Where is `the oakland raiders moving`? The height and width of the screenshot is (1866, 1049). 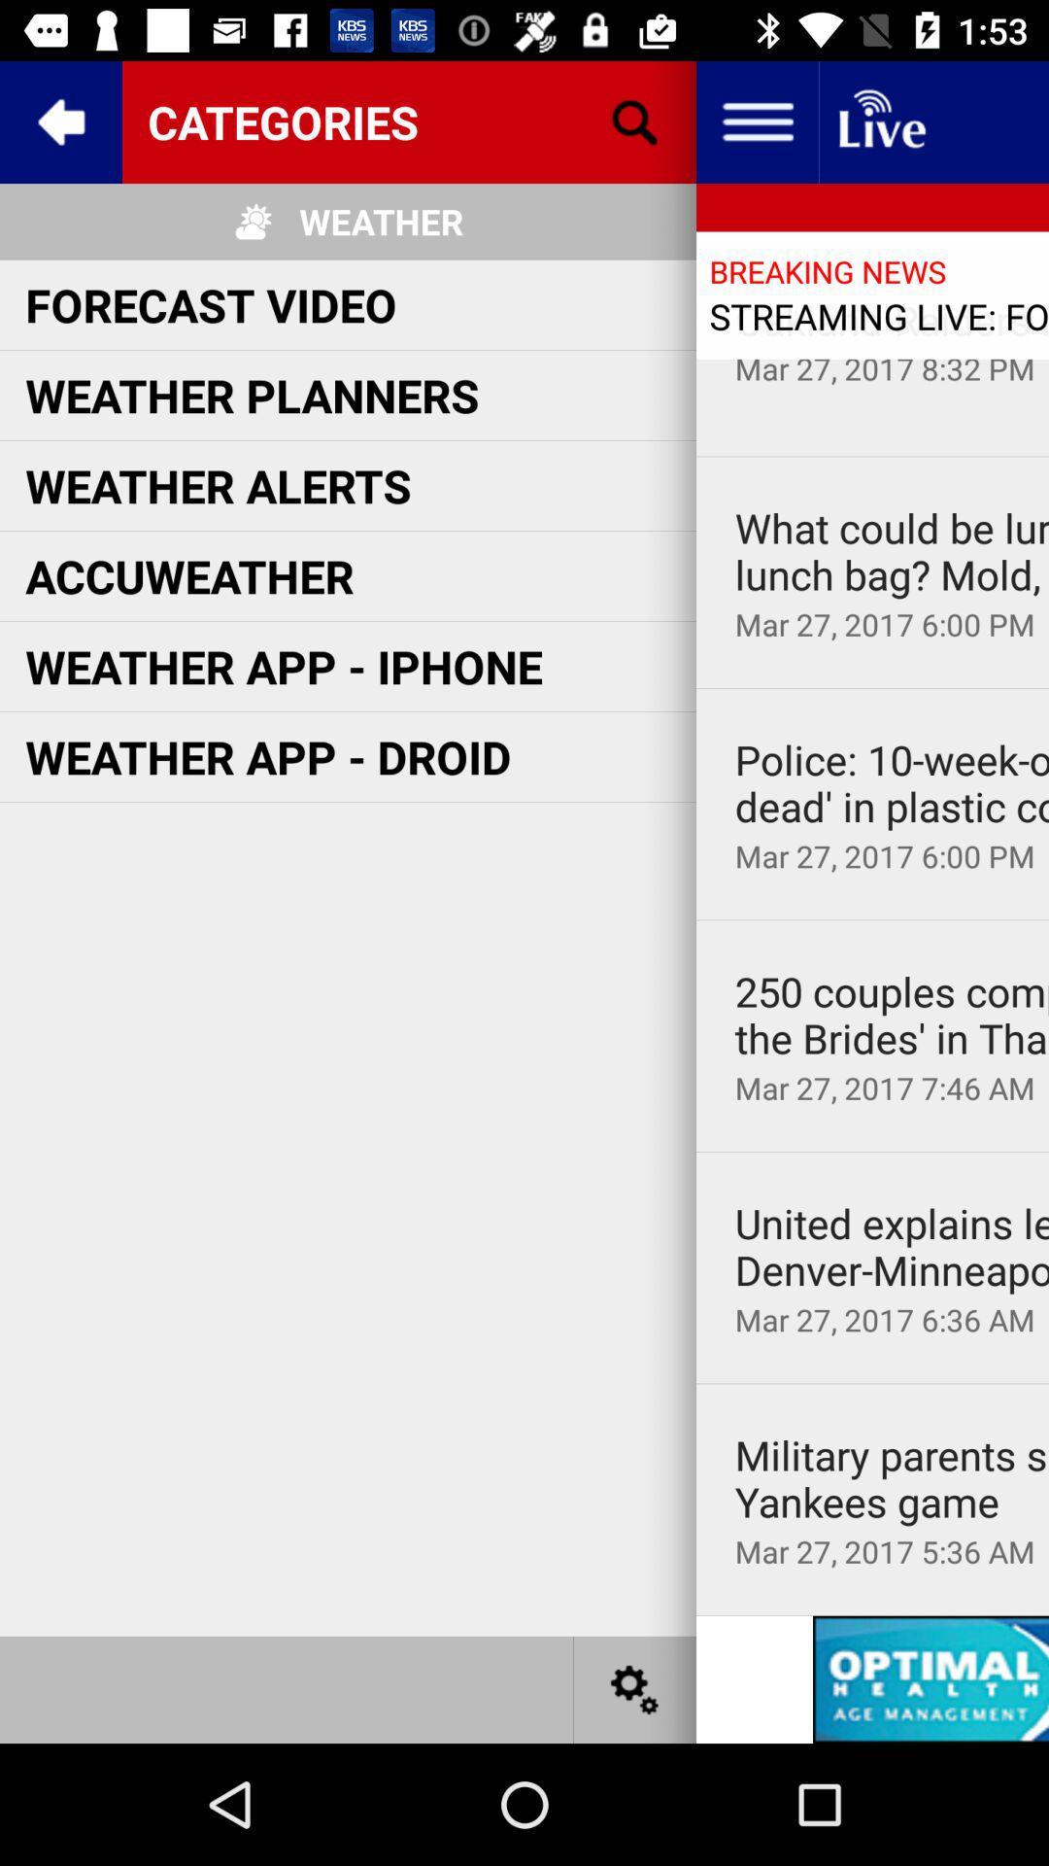
the oakland raiders moving is located at coordinates (892, 320).